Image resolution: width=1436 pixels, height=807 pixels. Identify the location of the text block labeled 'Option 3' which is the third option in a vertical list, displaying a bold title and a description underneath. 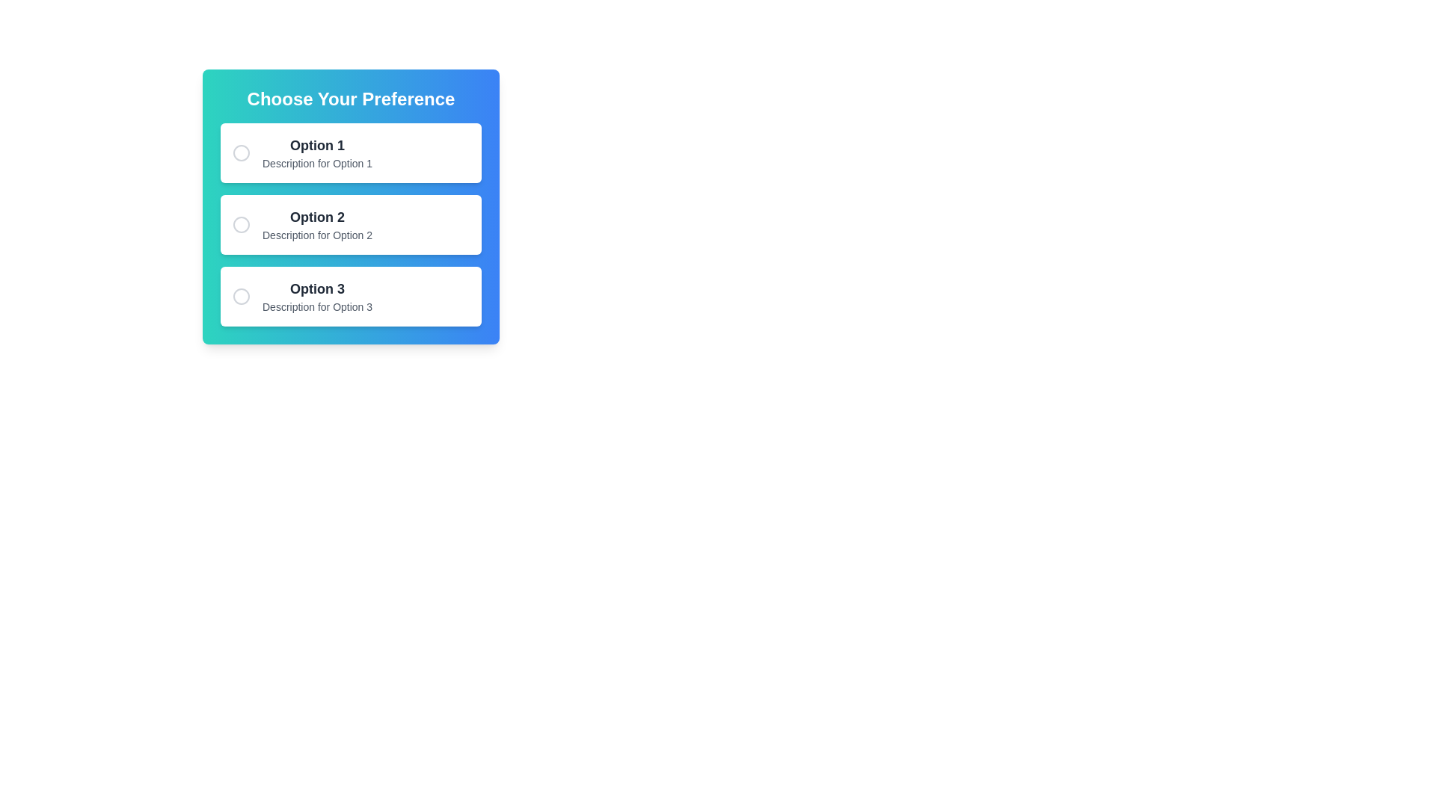
(316, 297).